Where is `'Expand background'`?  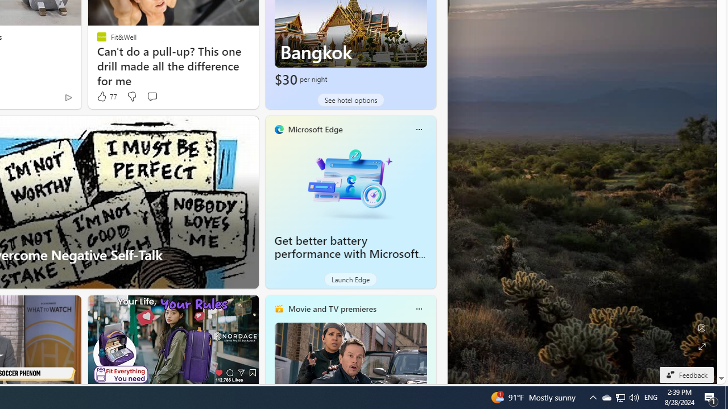
'Expand background' is located at coordinates (701, 346).